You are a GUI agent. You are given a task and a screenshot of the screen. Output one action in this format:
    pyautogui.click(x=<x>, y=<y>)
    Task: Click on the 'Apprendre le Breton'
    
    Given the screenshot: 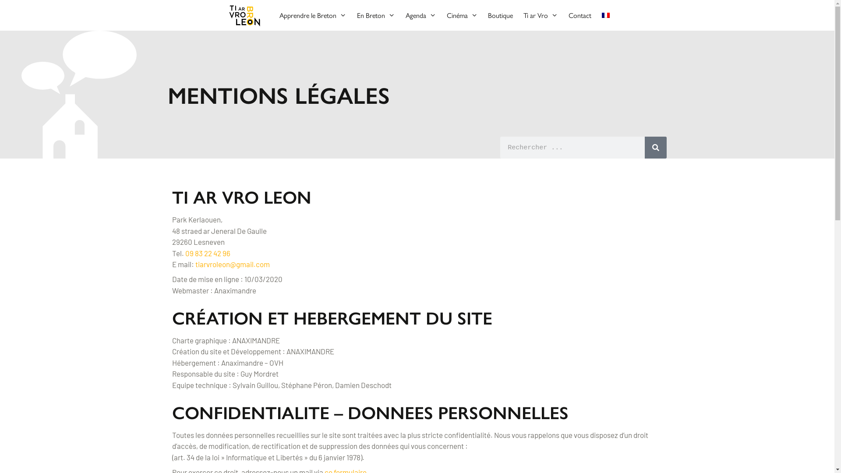 What is the action you would take?
    pyautogui.click(x=313, y=15)
    